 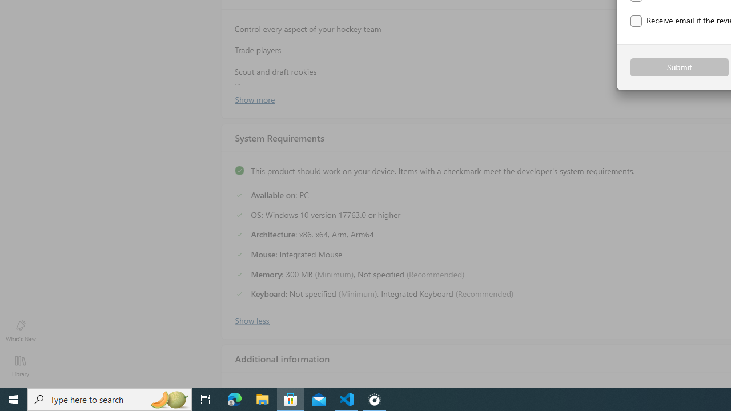 What do you see at coordinates (20, 330) in the screenshot?
I see `'What'` at bounding box center [20, 330].